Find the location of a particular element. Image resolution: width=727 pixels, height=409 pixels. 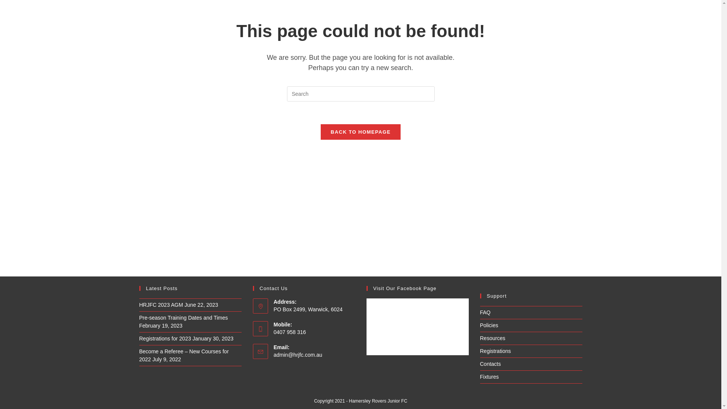

'FAQ' is located at coordinates (485, 312).